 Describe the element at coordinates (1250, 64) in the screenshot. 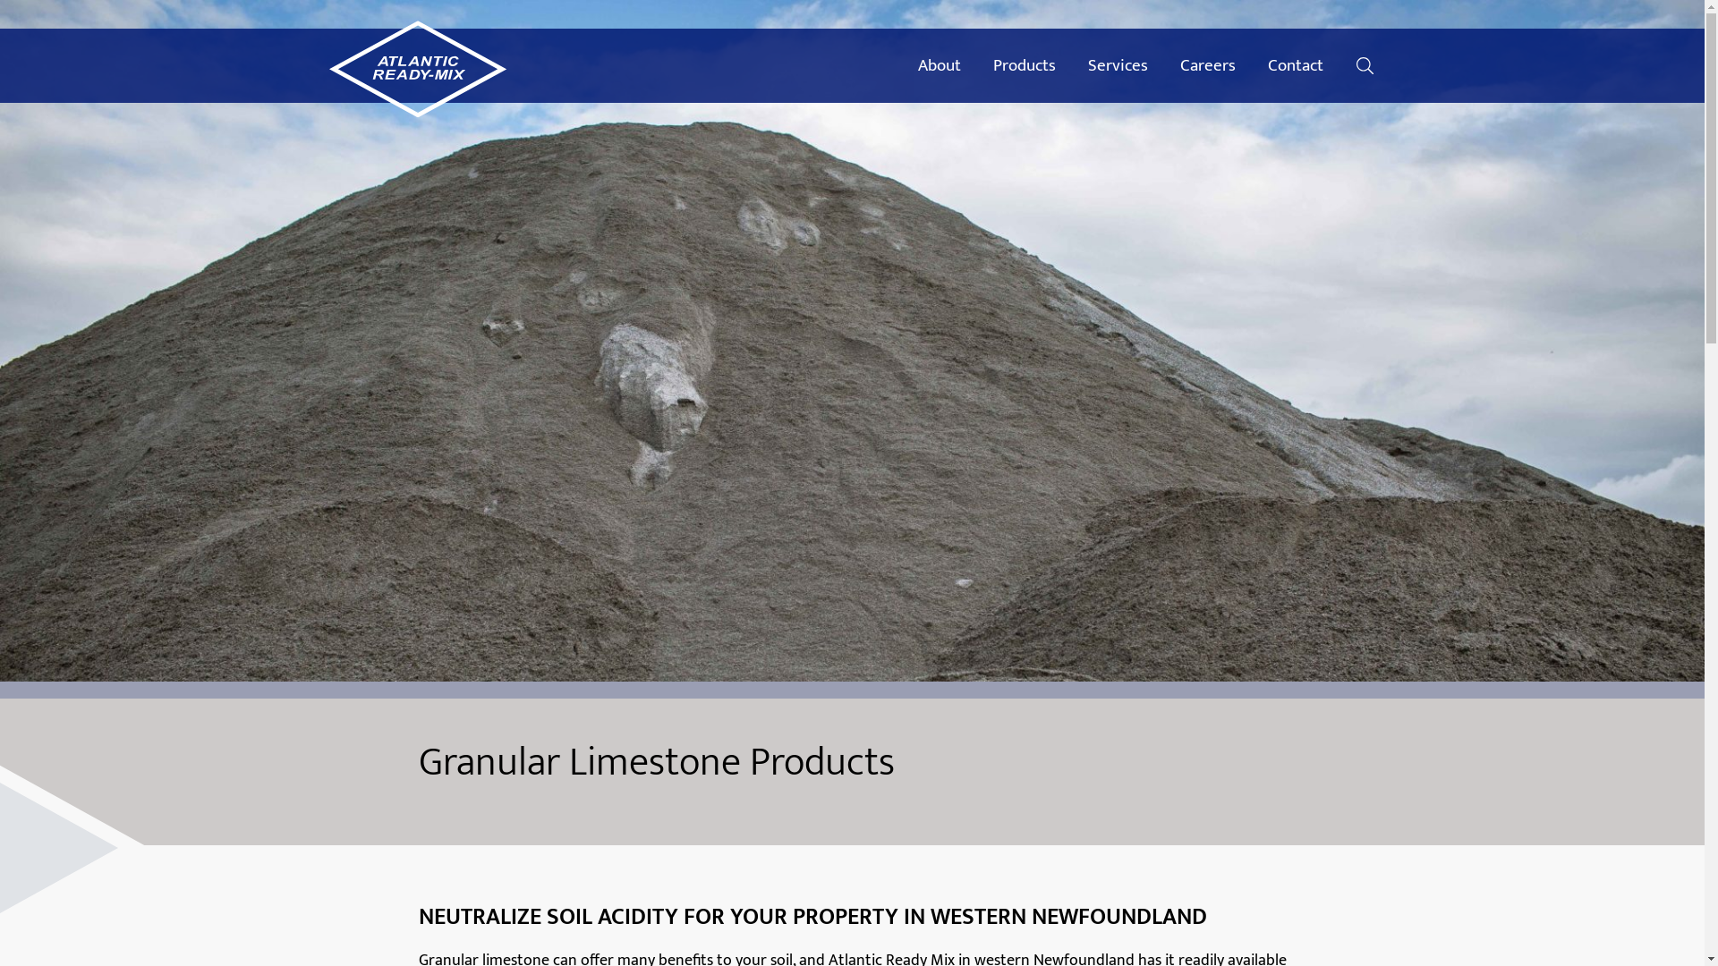

I see `'Contact'` at that location.